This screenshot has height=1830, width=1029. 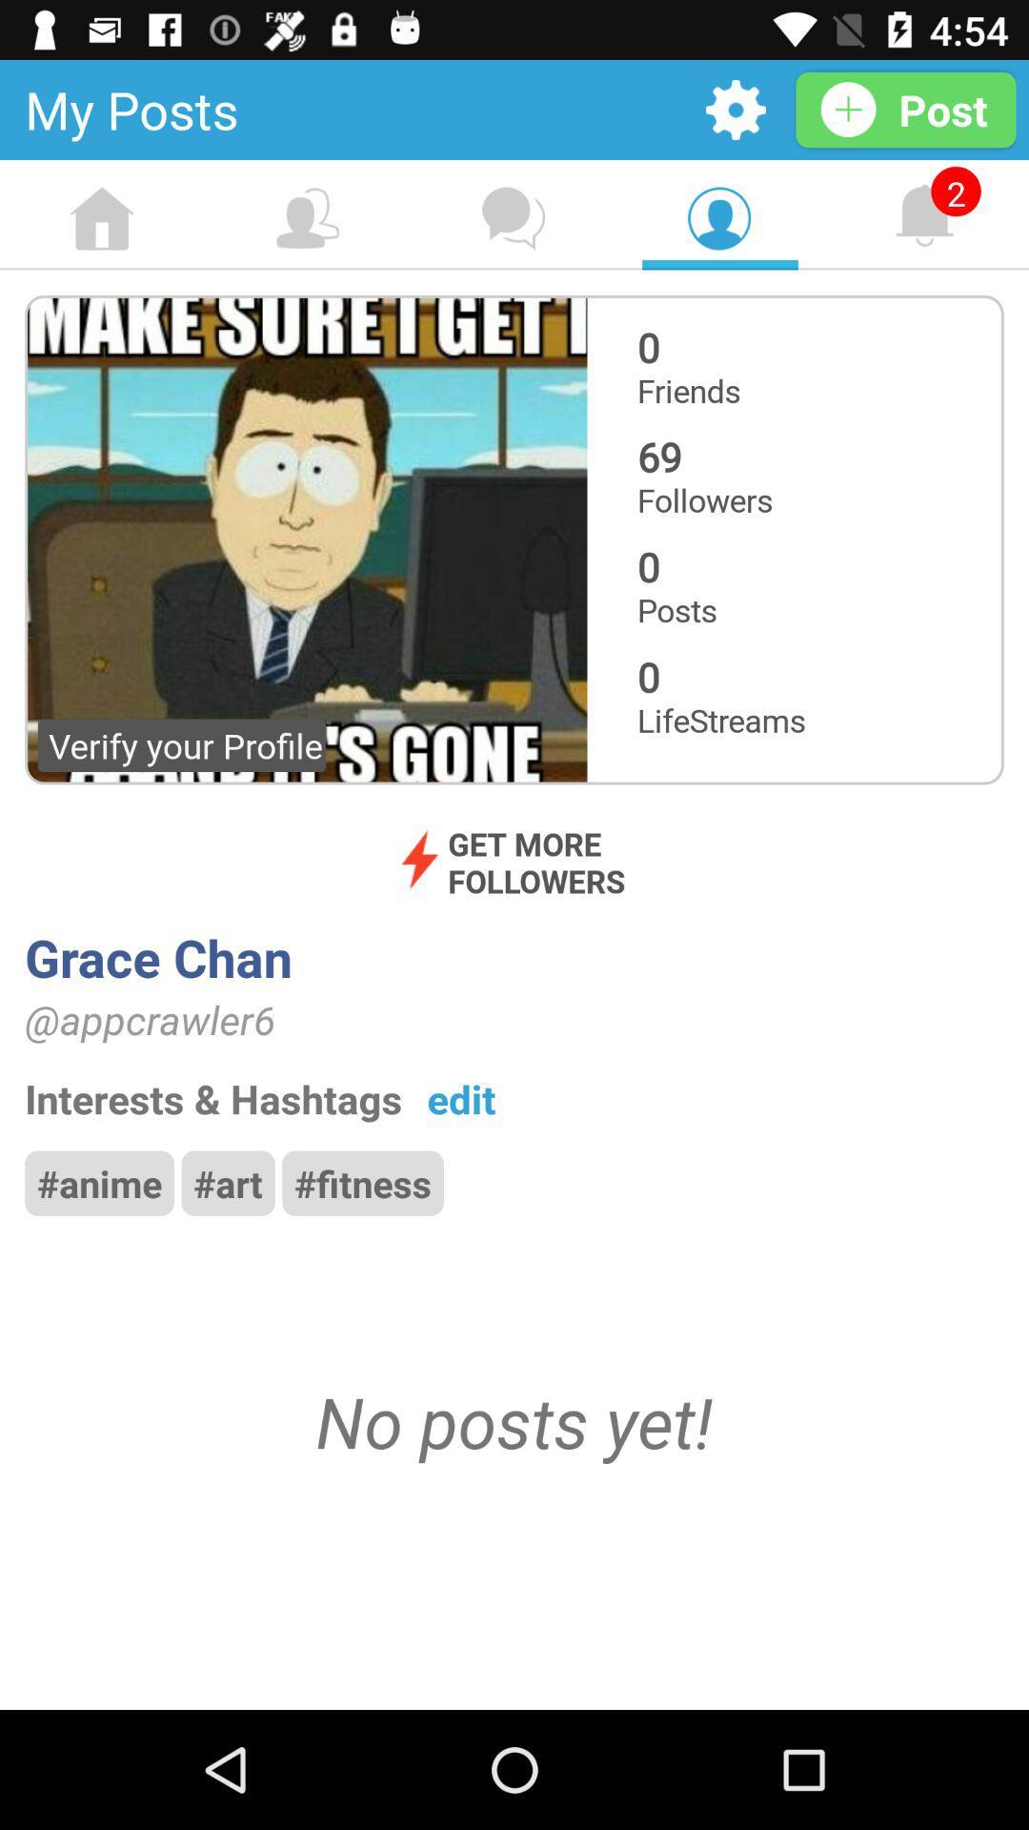 I want to click on icon above the no posts yet!, so click(x=99, y=1182).